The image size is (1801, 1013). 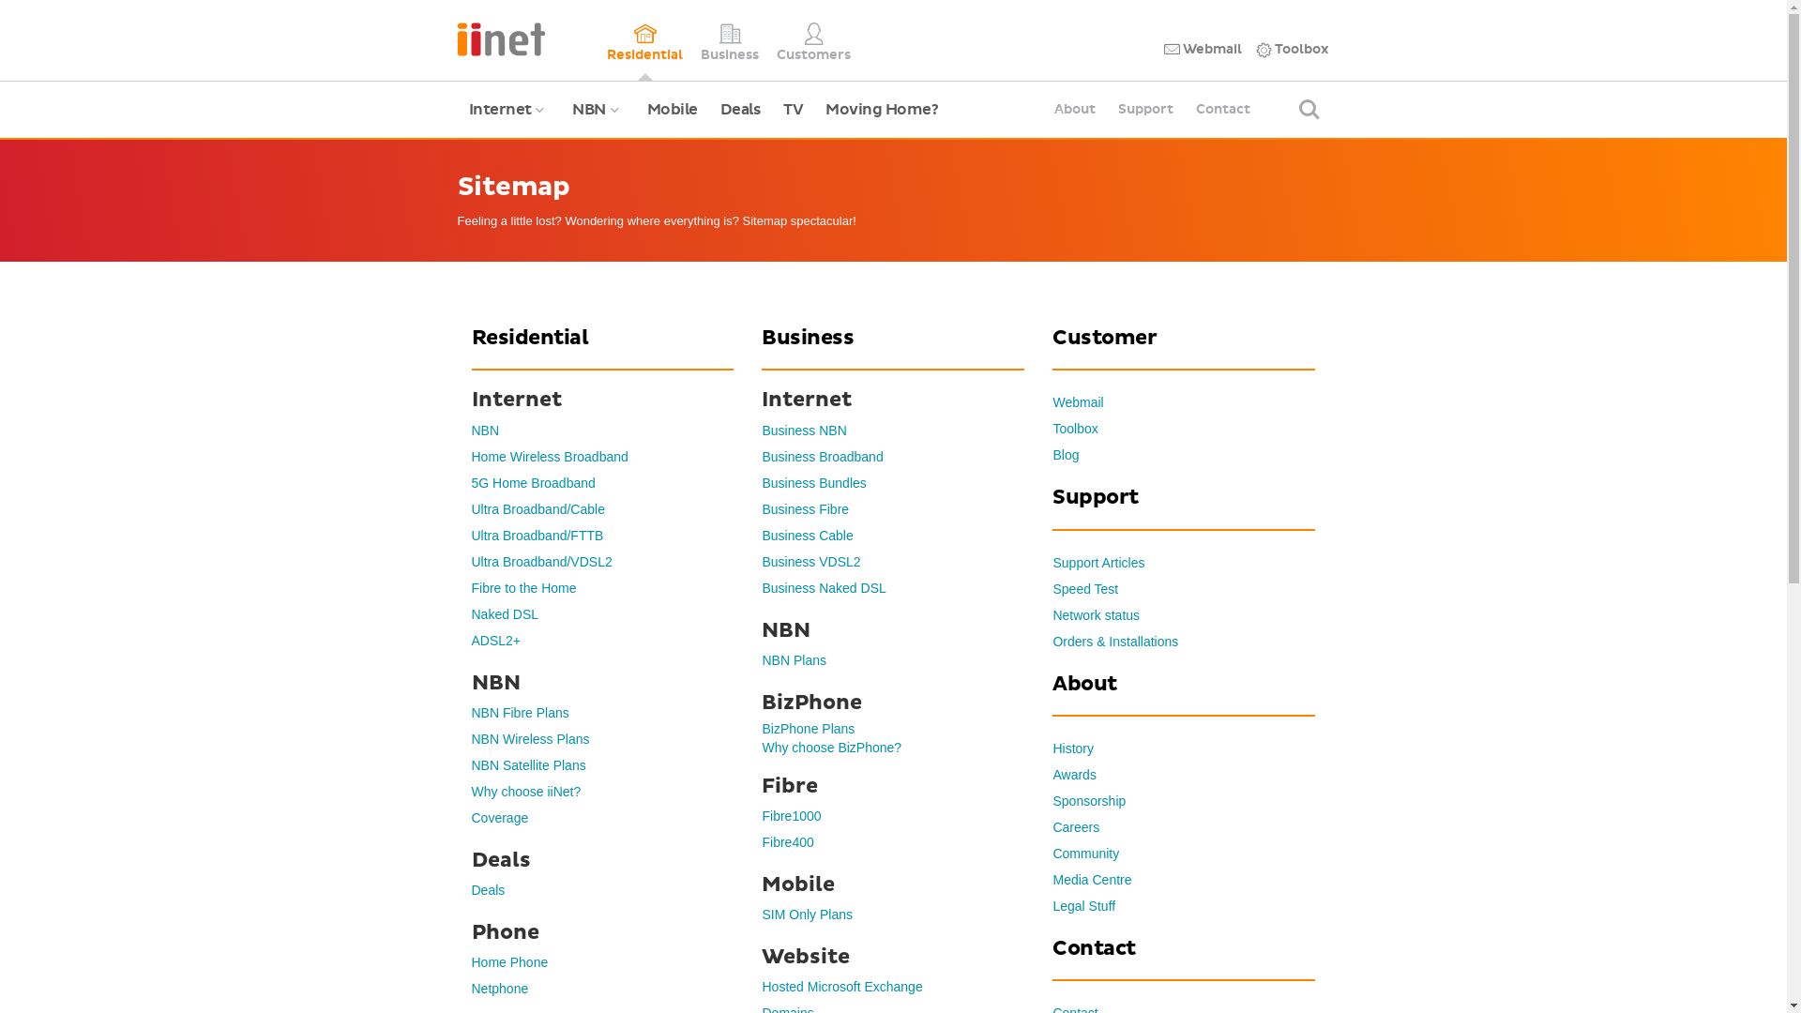 I want to click on 'Fibre400', so click(x=787, y=841).